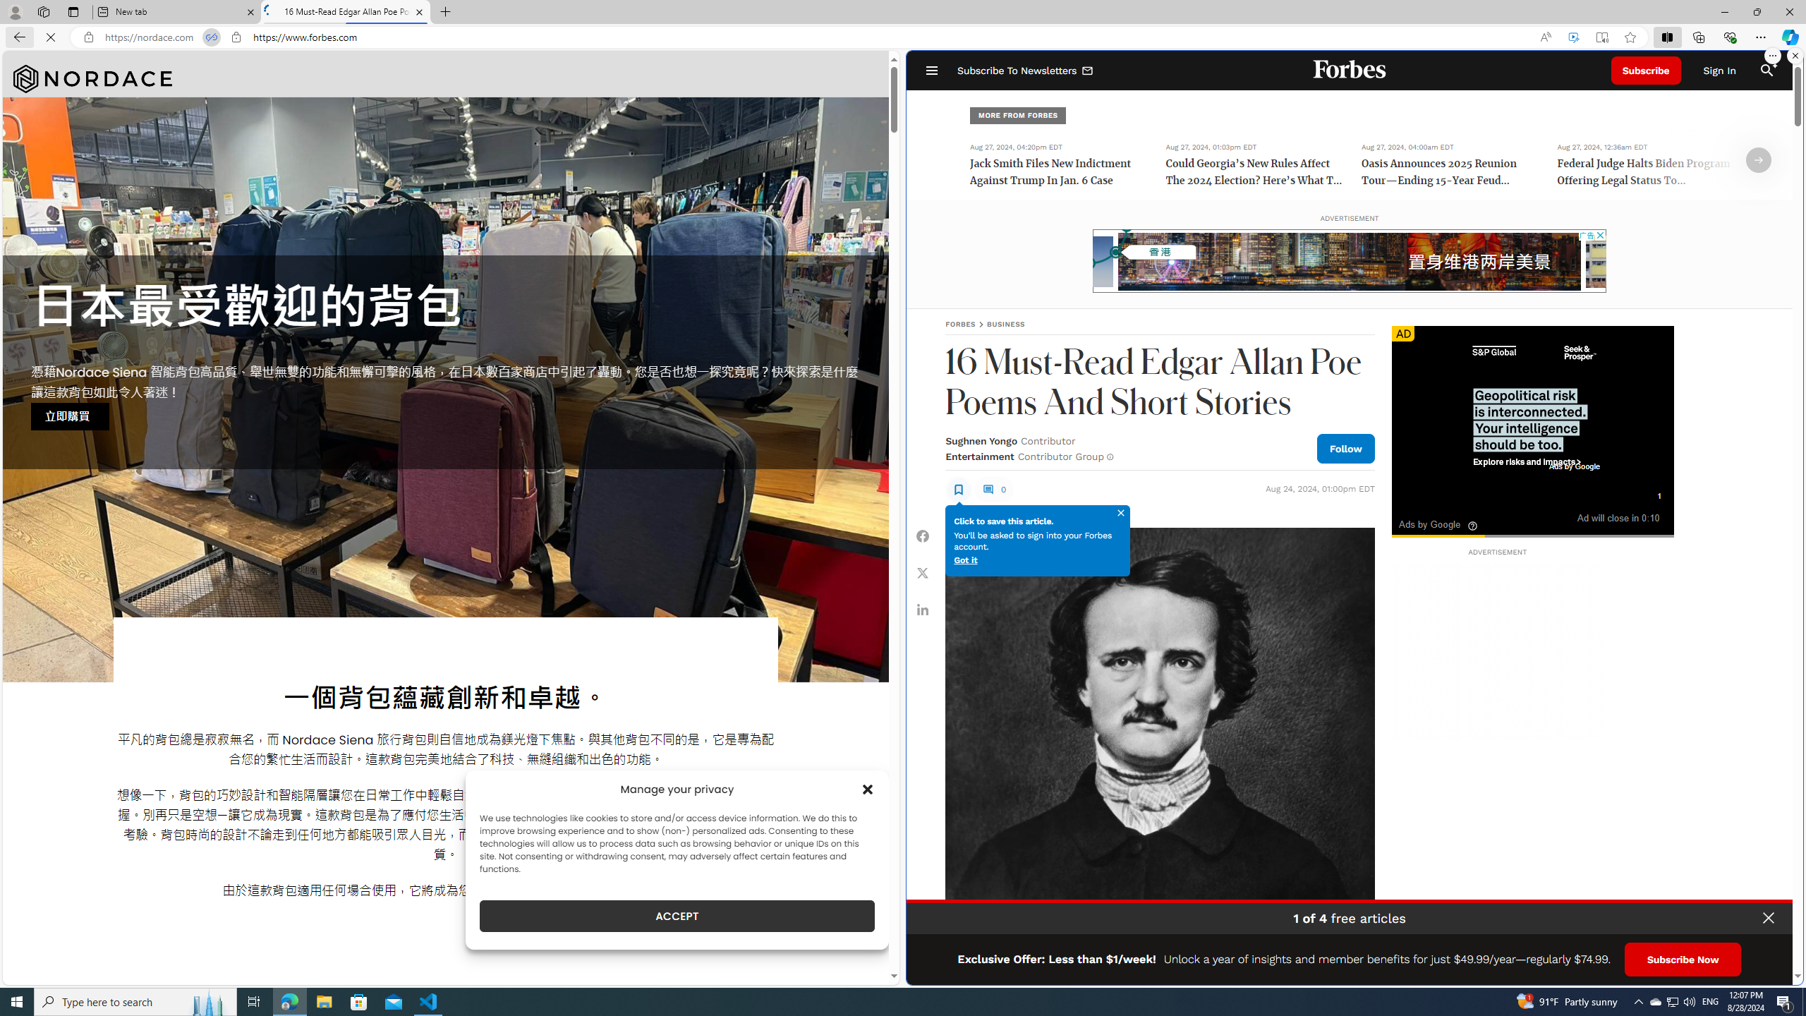  I want to click on 'Follow Author', so click(1345, 448).